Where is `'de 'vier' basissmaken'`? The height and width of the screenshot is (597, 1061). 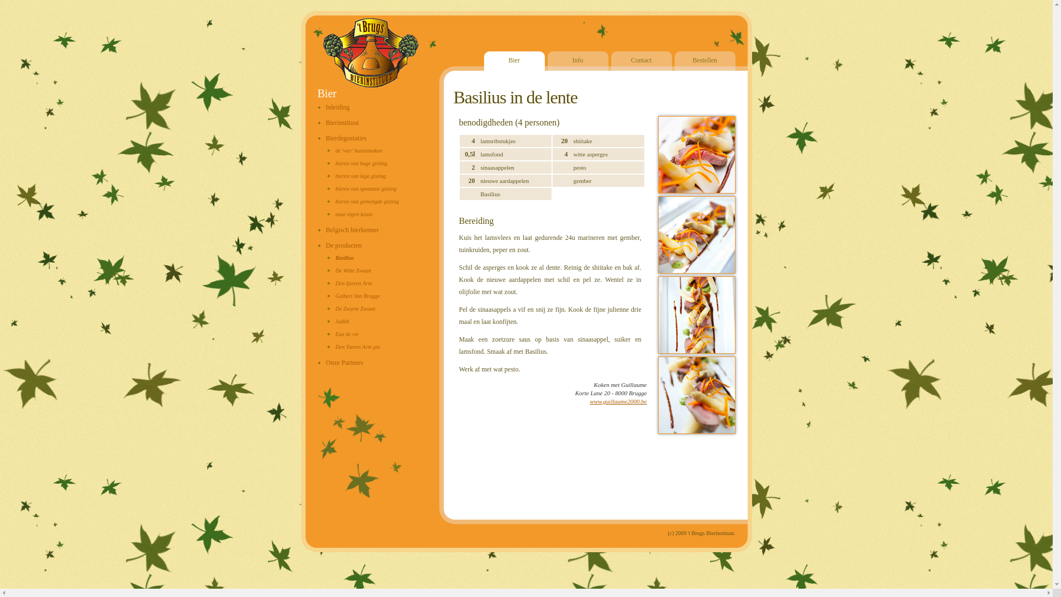 'de 'vier' basissmaken' is located at coordinates (355, 150).